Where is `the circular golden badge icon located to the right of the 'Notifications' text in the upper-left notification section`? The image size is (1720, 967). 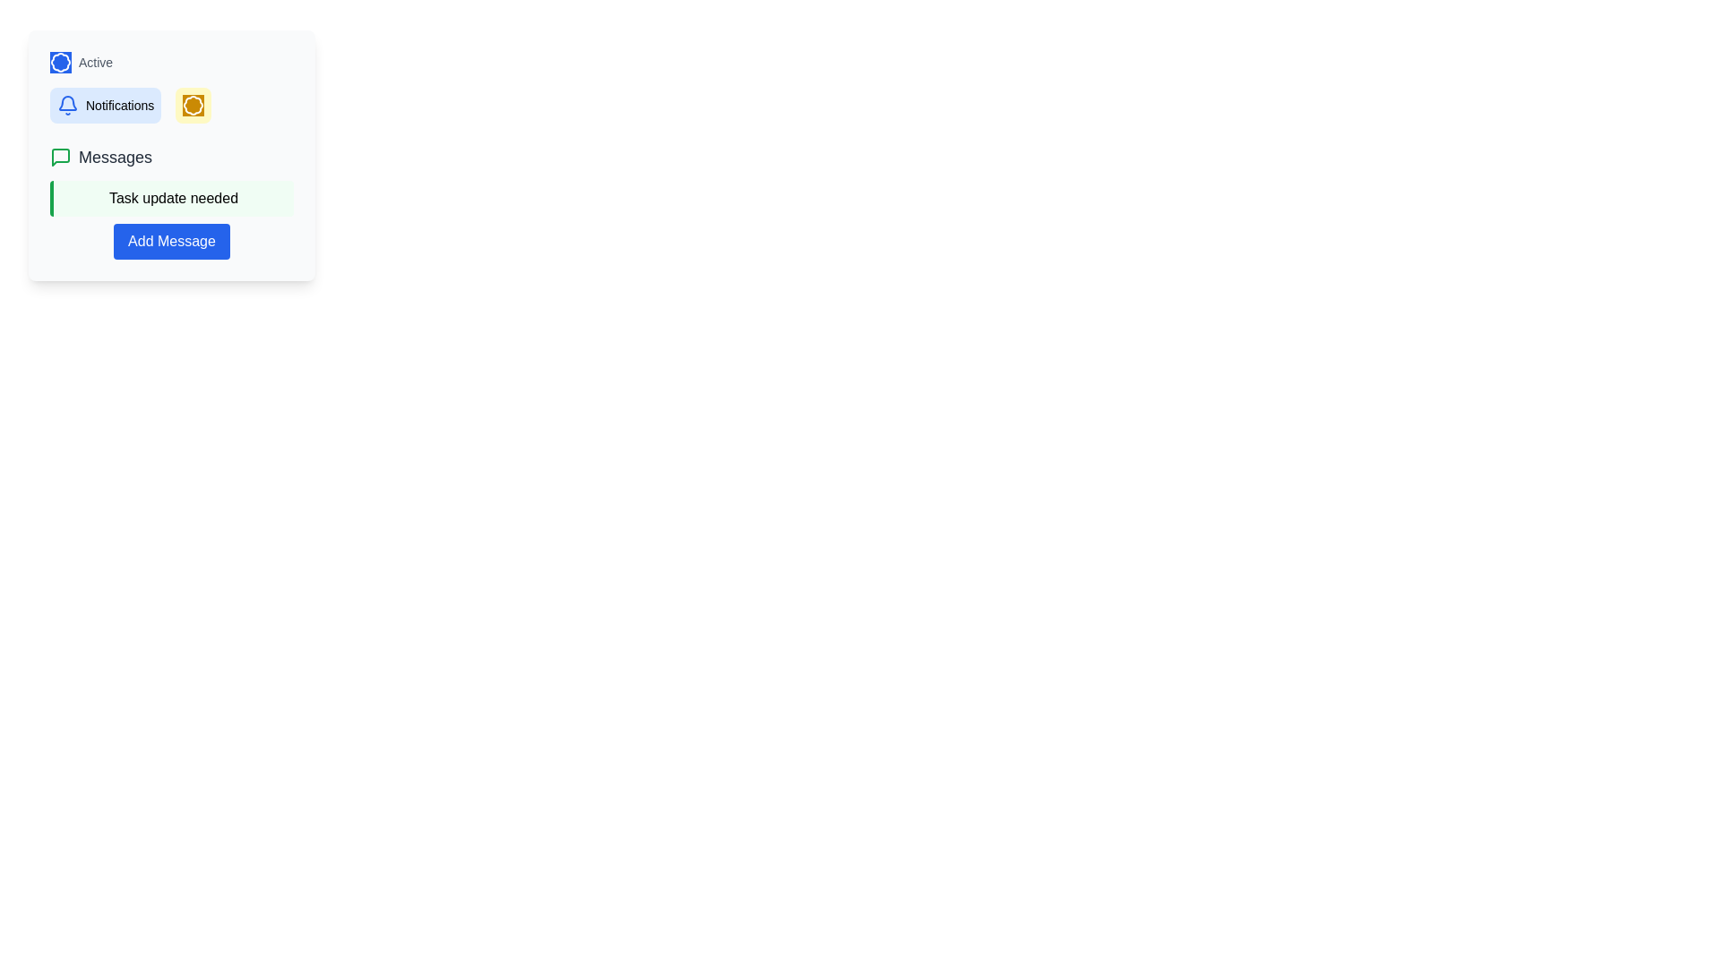 the circular golden badge icon located to the right of the 'Notifications' text in the upper-left notification section is located at coordinates (193, 106).